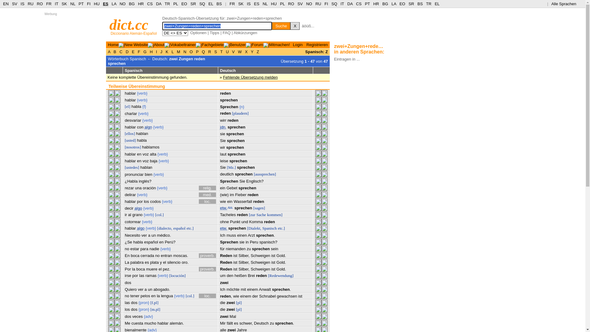 This screenshot has width=590, height=332. Describe the element at coordinates (223, 154) in the screenshot. I see `'laut'` at that location.